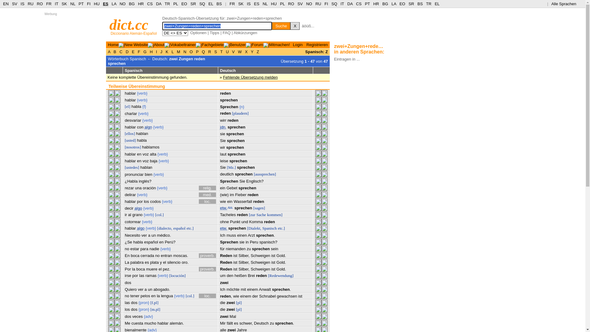 This screenshot has width=590, height=332. Describe the element at coordinates (223, 154) in the screenshot. I see `'laut'` at that location.